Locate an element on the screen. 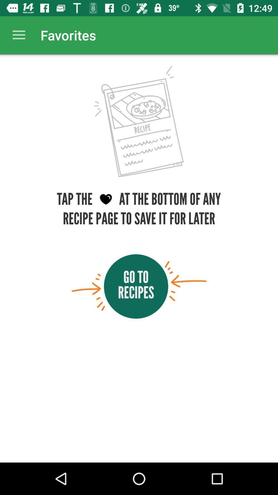 The width and height of the screenshot is (278, 495). item next to the favorites app is located at coordinates (19, 35).